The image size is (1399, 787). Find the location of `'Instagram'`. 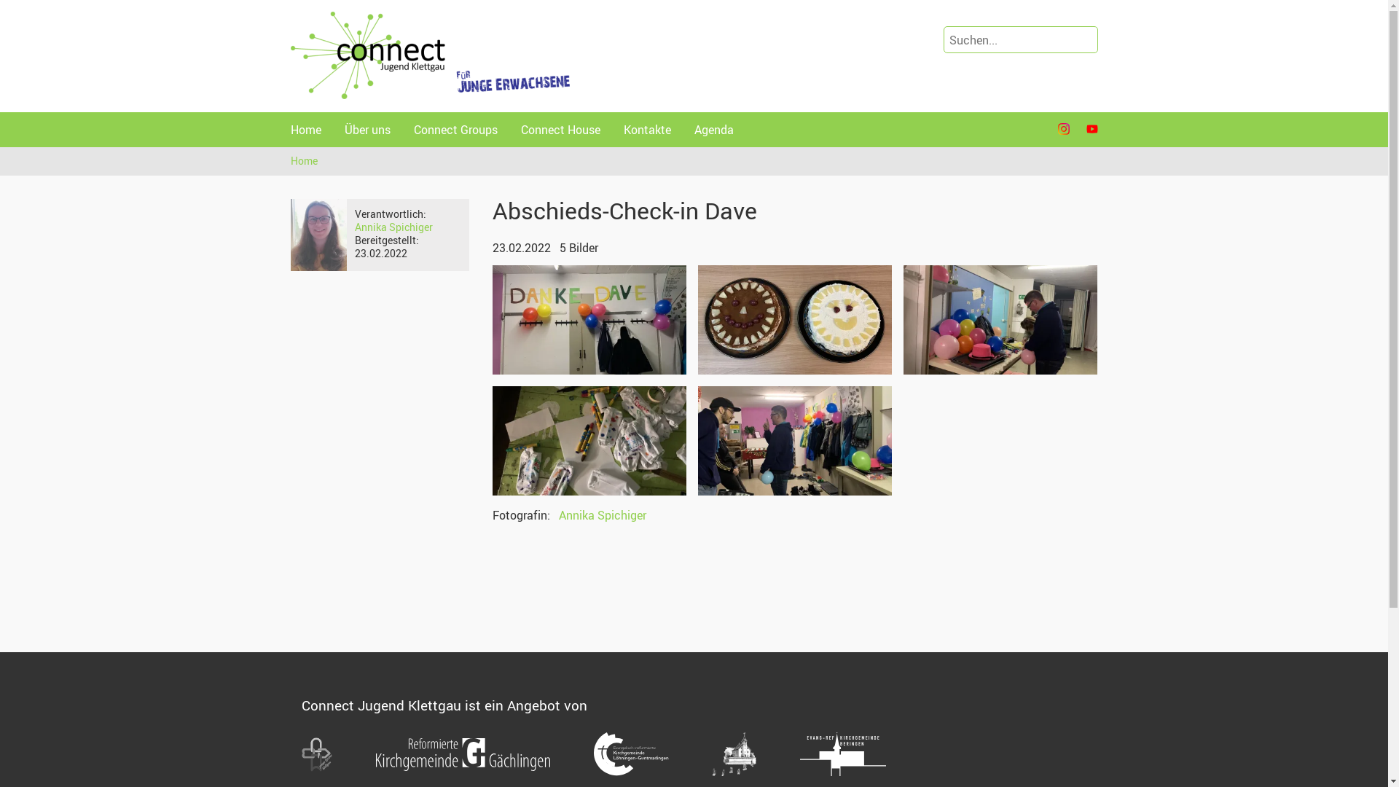

'Instagram' is located at coordinates (1063, 128).